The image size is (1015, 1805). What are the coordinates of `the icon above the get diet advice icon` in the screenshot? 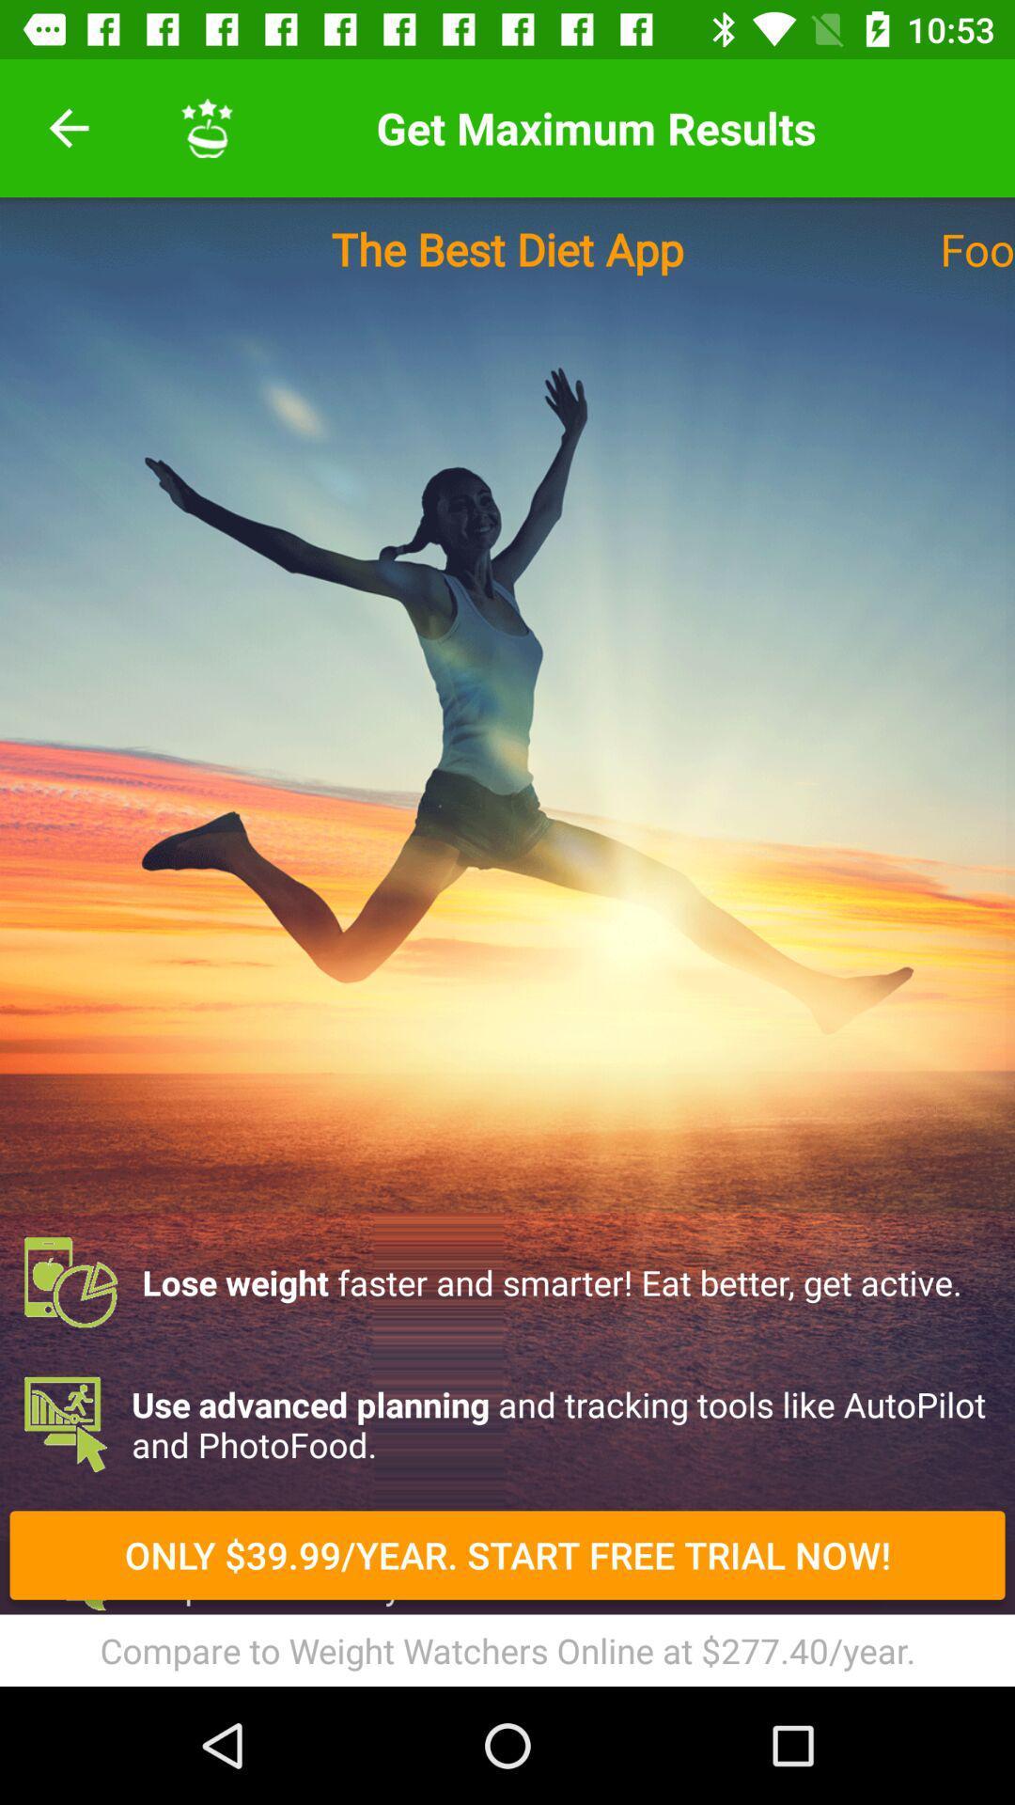 It's located at (507, 1424).